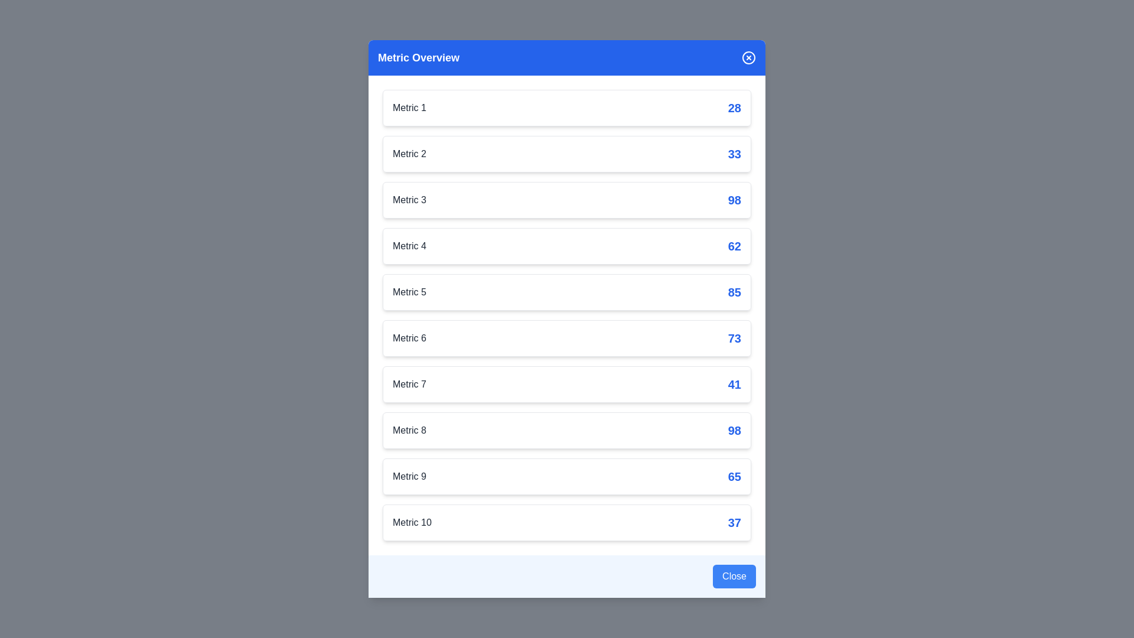  Describe the element at coordinates (734, 575) in the screenshot. I see `the 'Close' button in the footer of the dialog` at that location.